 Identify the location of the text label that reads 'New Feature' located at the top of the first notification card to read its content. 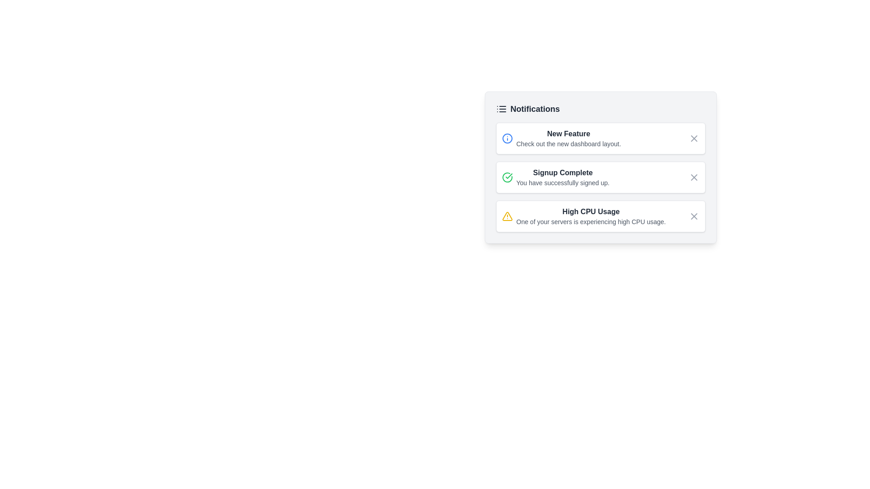
(568, 134).